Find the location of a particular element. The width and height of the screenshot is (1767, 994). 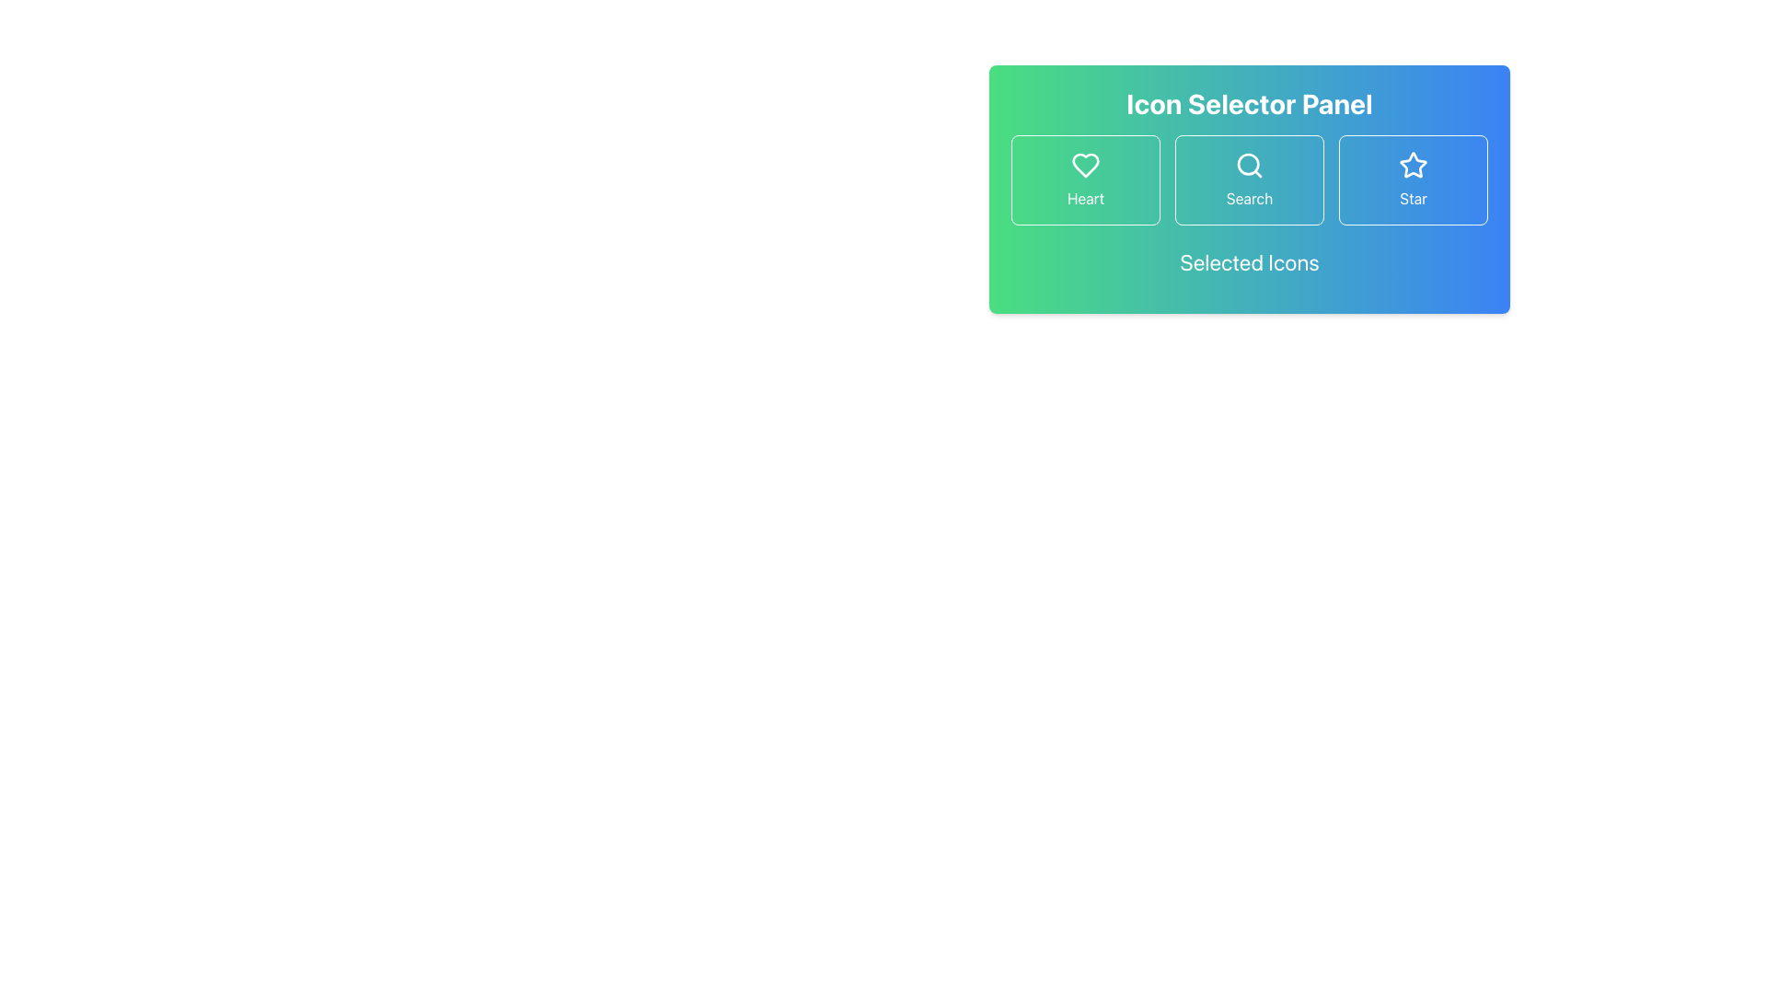

the rectangular blue button with a search icon and 'Search' text to observe the hover effect is located at coordinates (1250, 180).